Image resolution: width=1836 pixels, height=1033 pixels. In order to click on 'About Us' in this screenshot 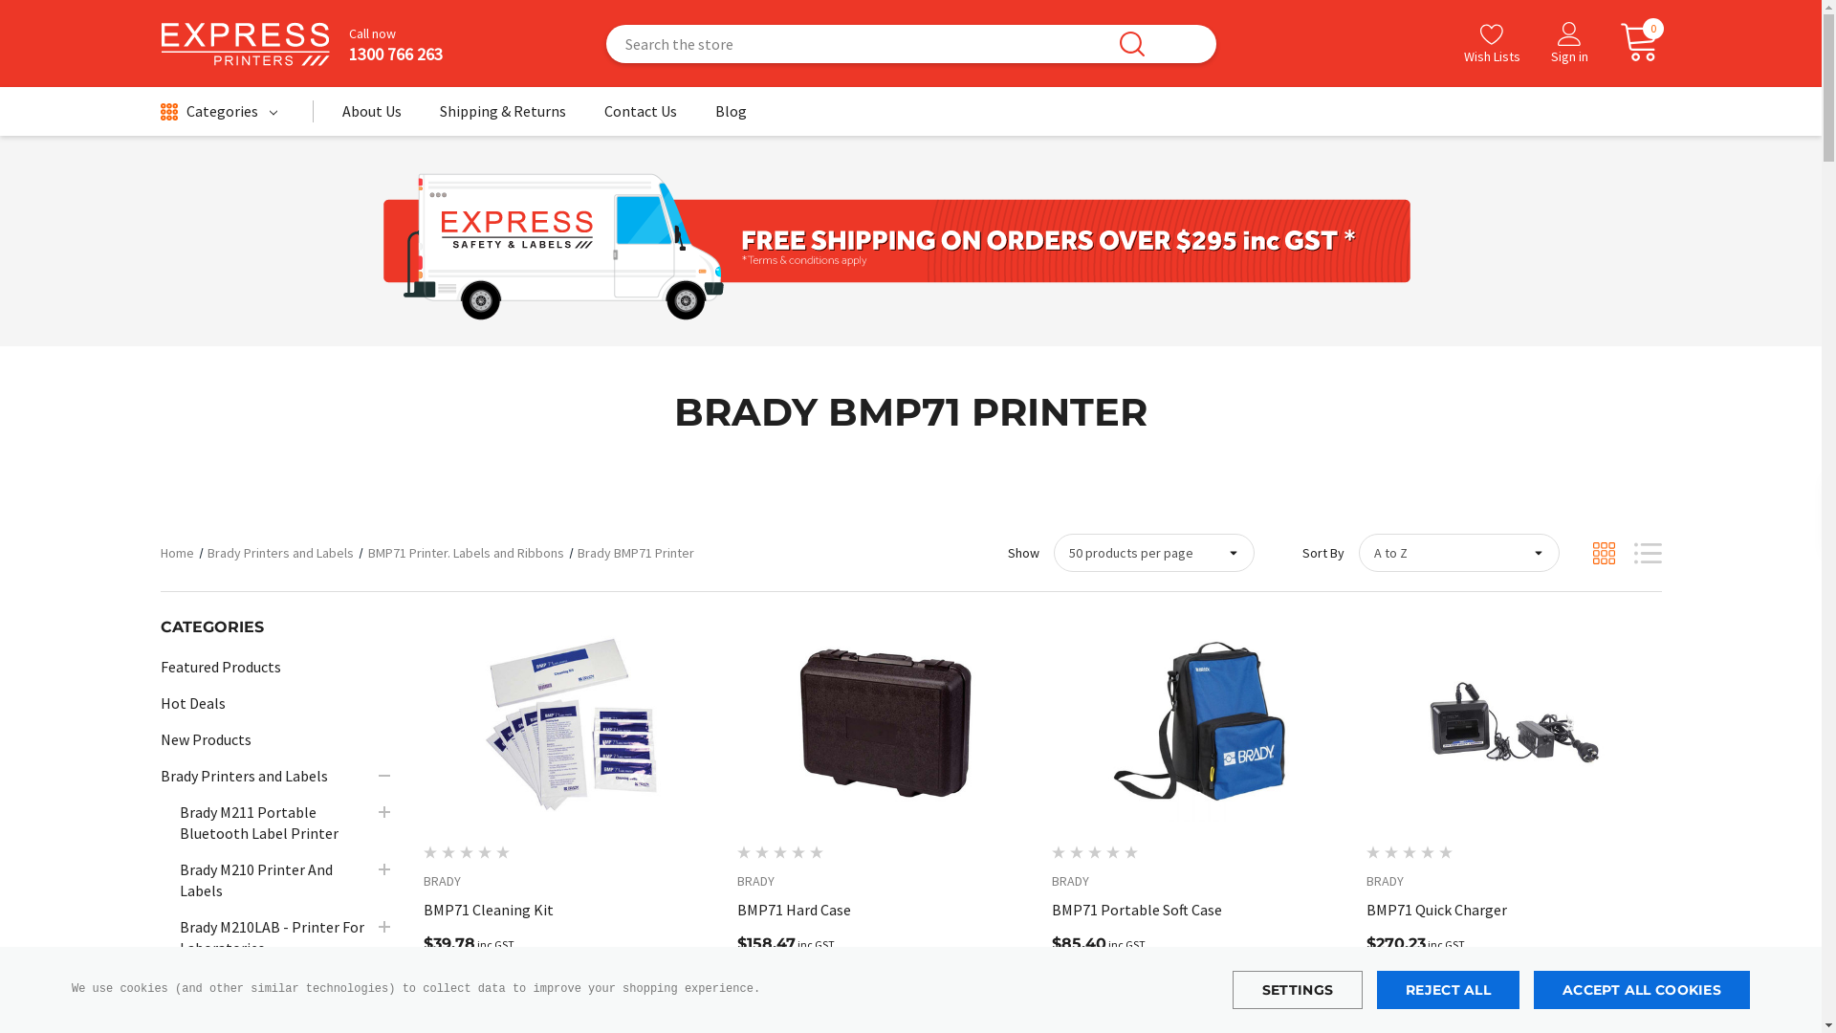, I will do `click(371, 116)`.